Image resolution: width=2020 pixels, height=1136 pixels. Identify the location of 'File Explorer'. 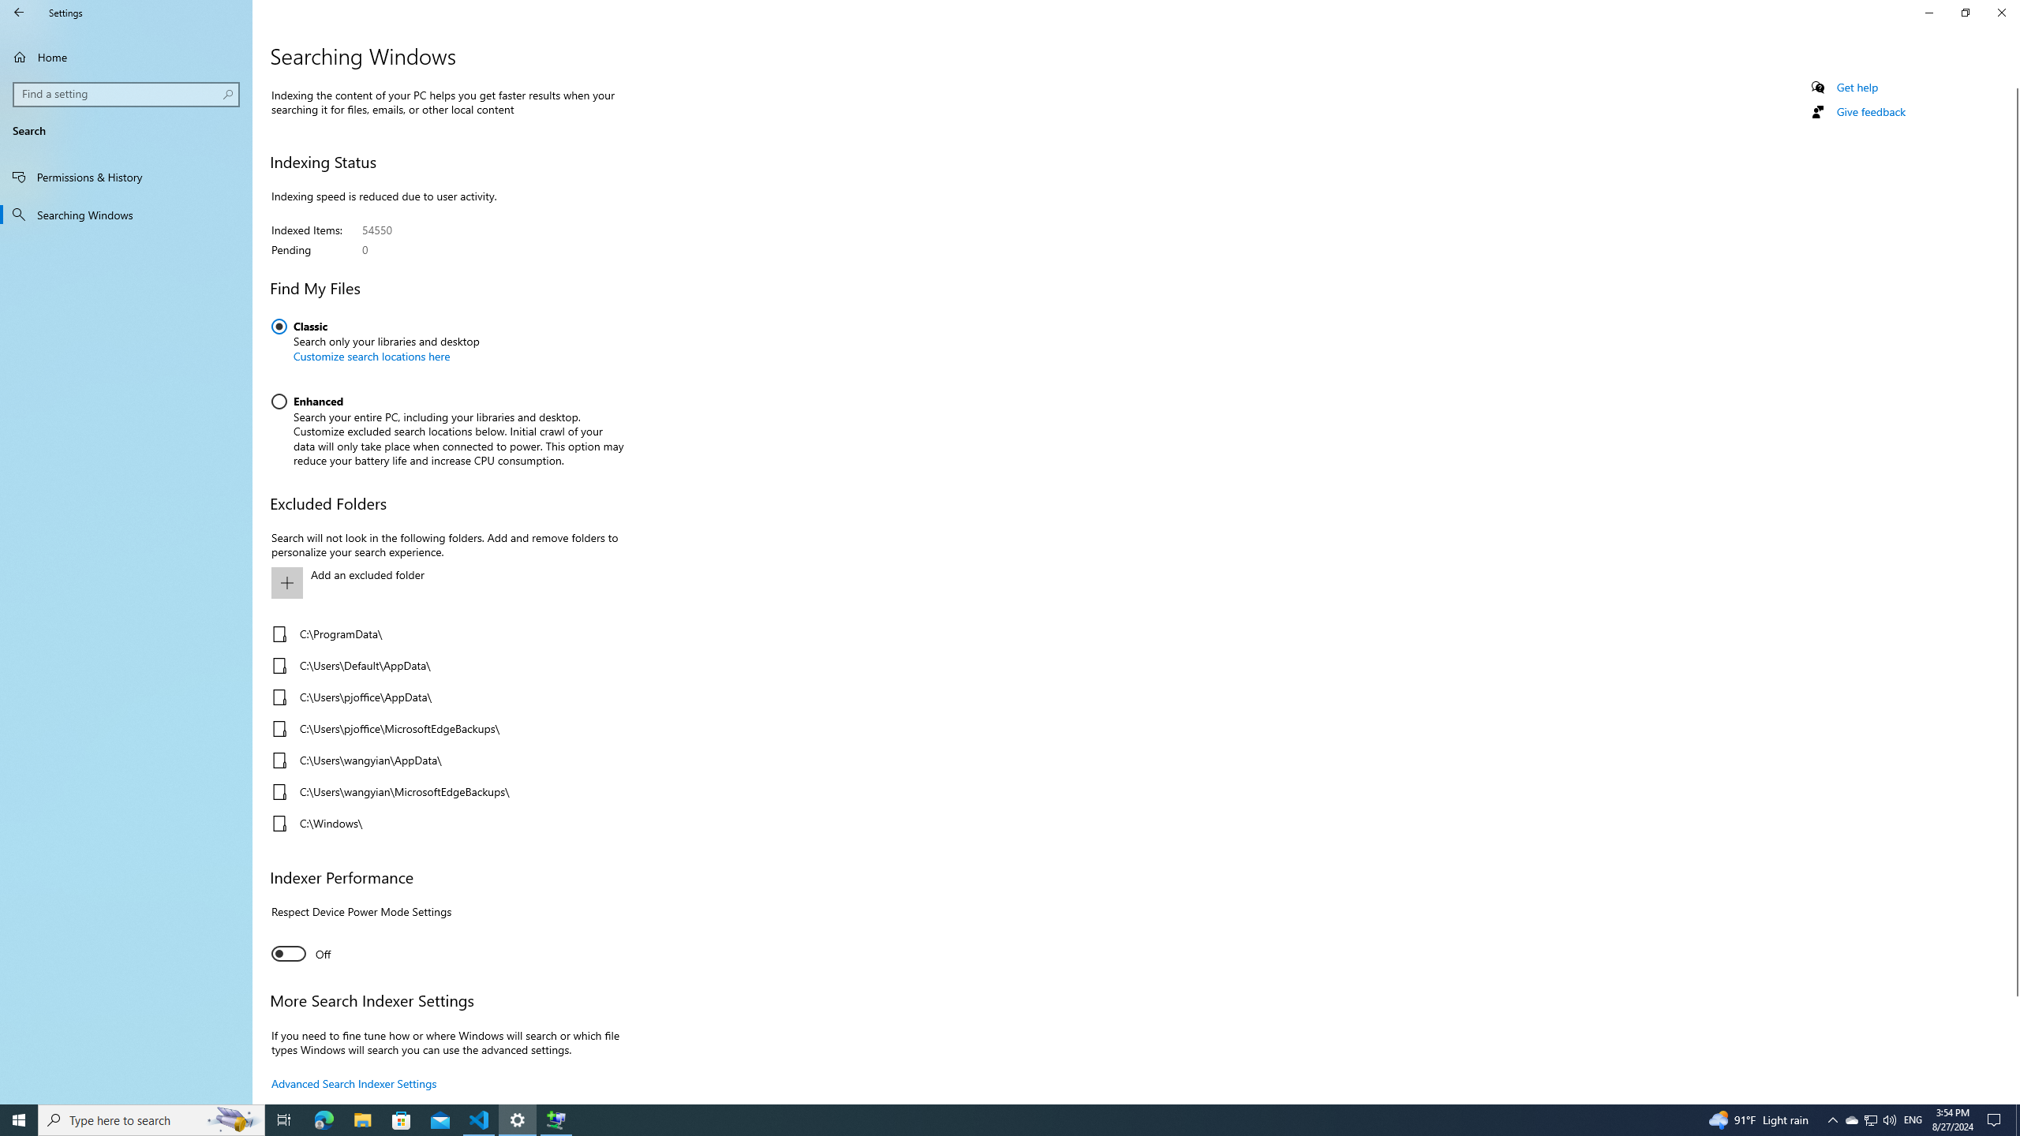
(361, 1119).